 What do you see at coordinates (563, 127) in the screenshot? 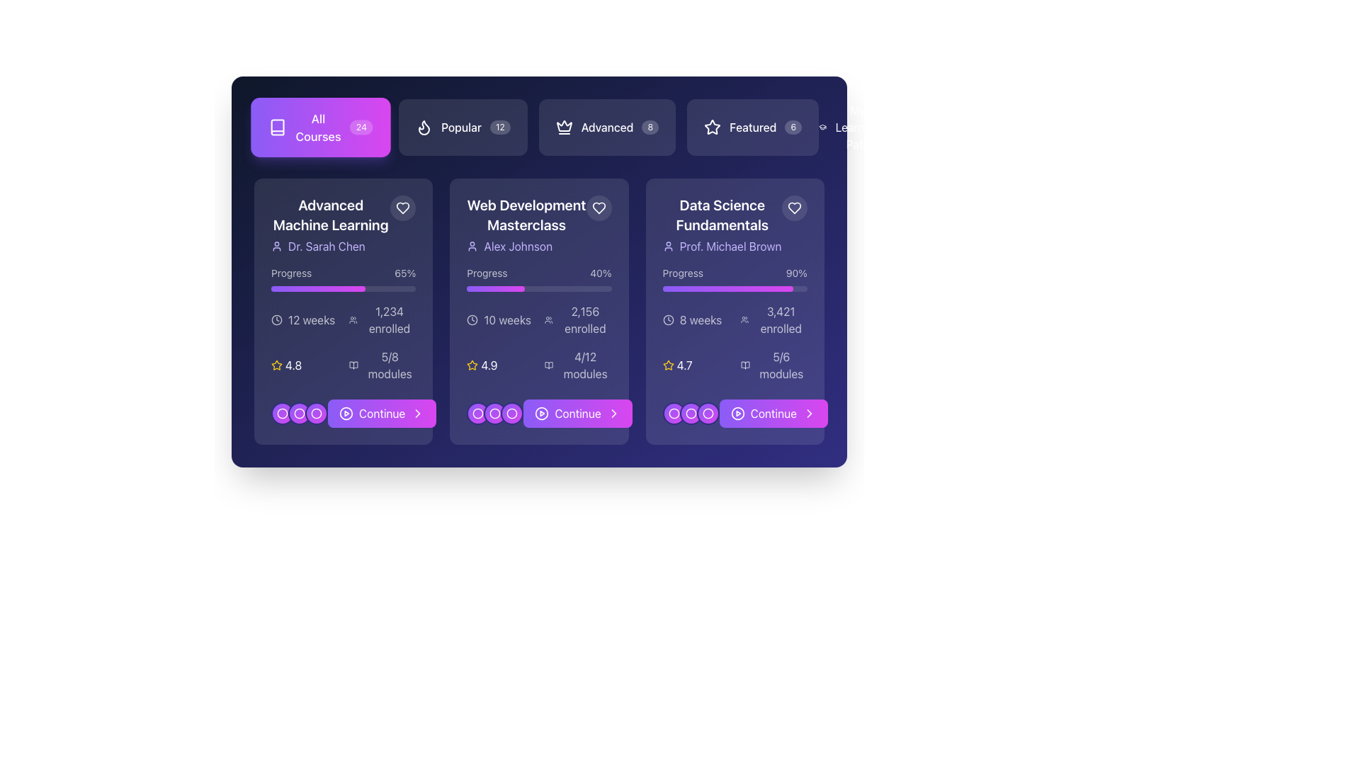
I see `the 'Advanced' category icon located in the top navigation bar, which serves as a visual indicator` at bounding box center [563, 127].